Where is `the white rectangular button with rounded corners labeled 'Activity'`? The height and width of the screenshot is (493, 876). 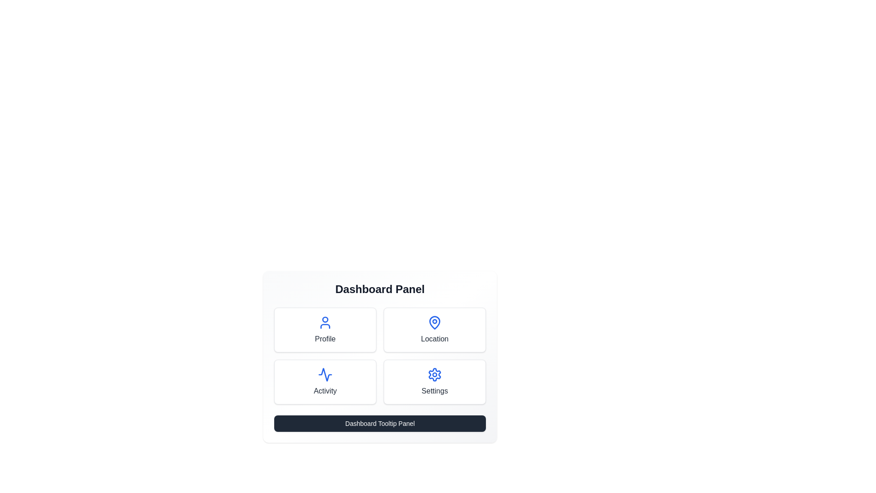
the white rectangular button with rounded corners labeled 'Activity' is located at coordinates (325, 382).